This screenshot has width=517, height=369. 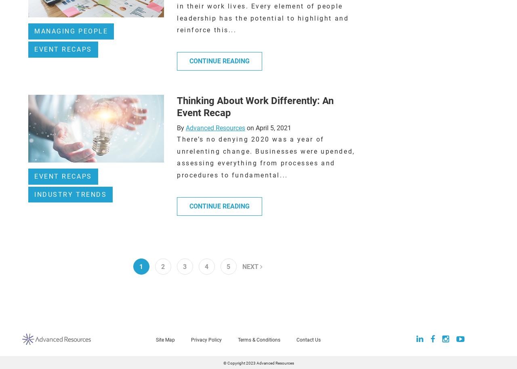 I want to click on 'Contact Us', so click(x=308, y=339).